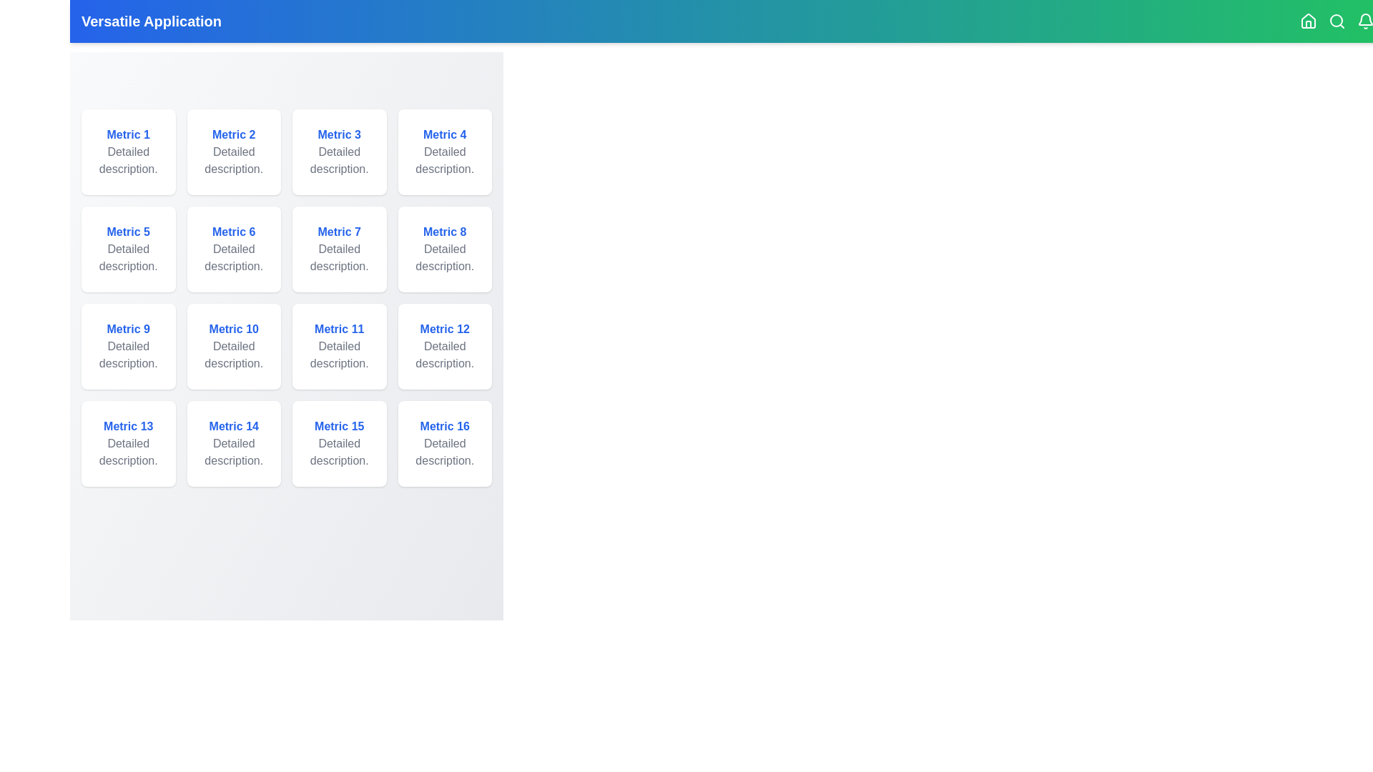 Image resolution: width=1373 pixels, height=772 pixels. What do you see at coordinates (1308, 21) in the screenshot?
I see `the Home icon in the app bar` at bounding box center [1308, 21].